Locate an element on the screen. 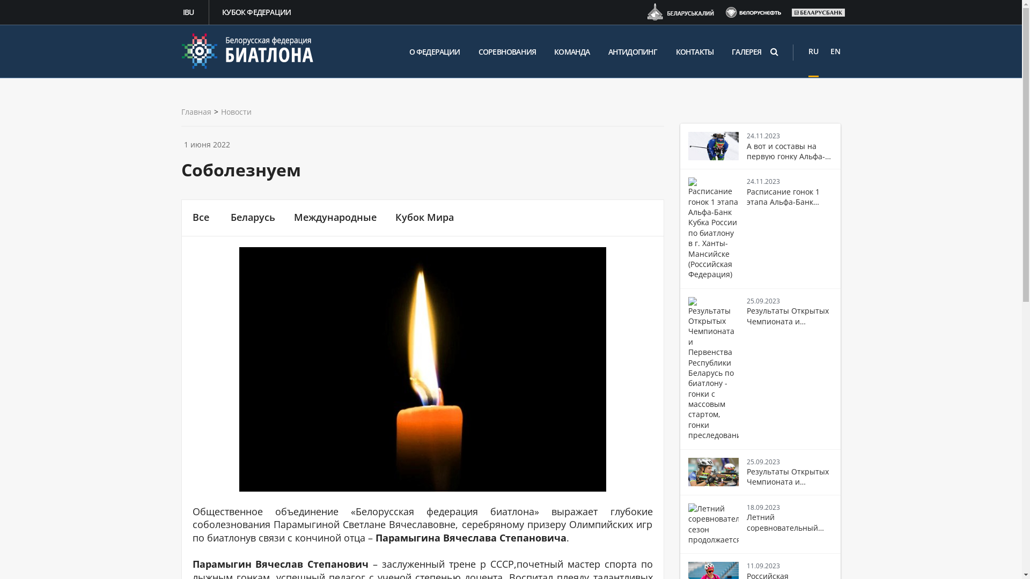 This screenshot has height=579, width=1030. 'RU' is located at coordinates (813, 51).